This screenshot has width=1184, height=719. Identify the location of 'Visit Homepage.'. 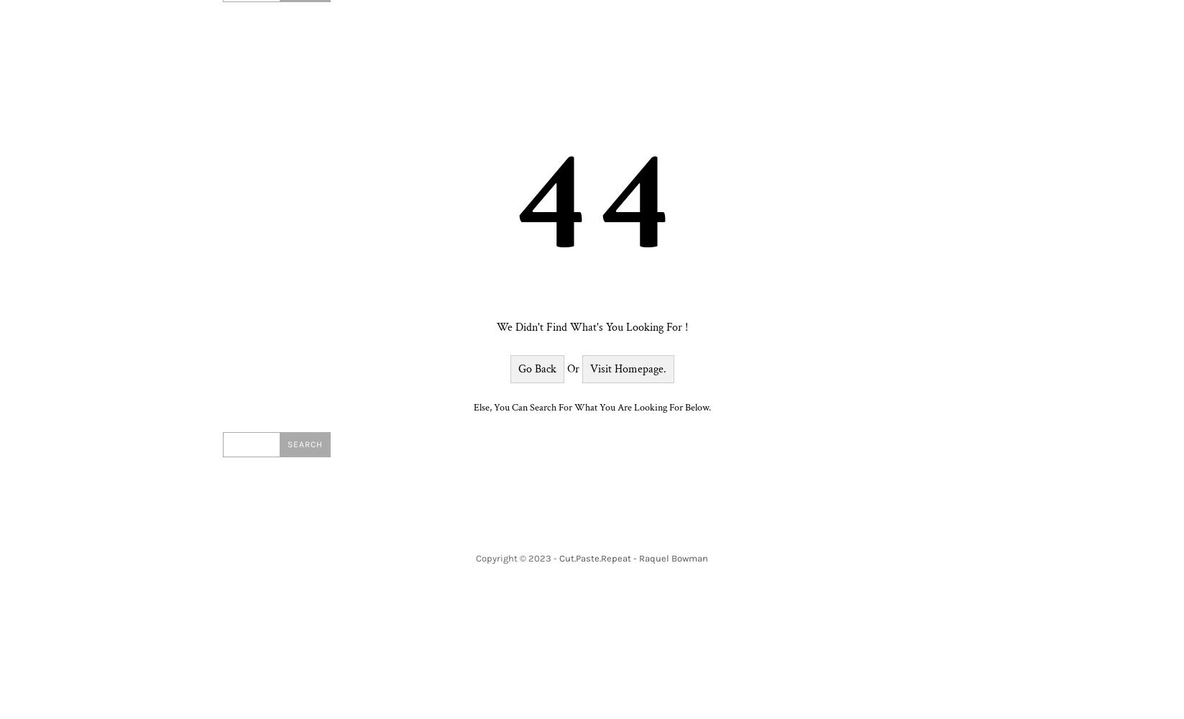
(627, 369).